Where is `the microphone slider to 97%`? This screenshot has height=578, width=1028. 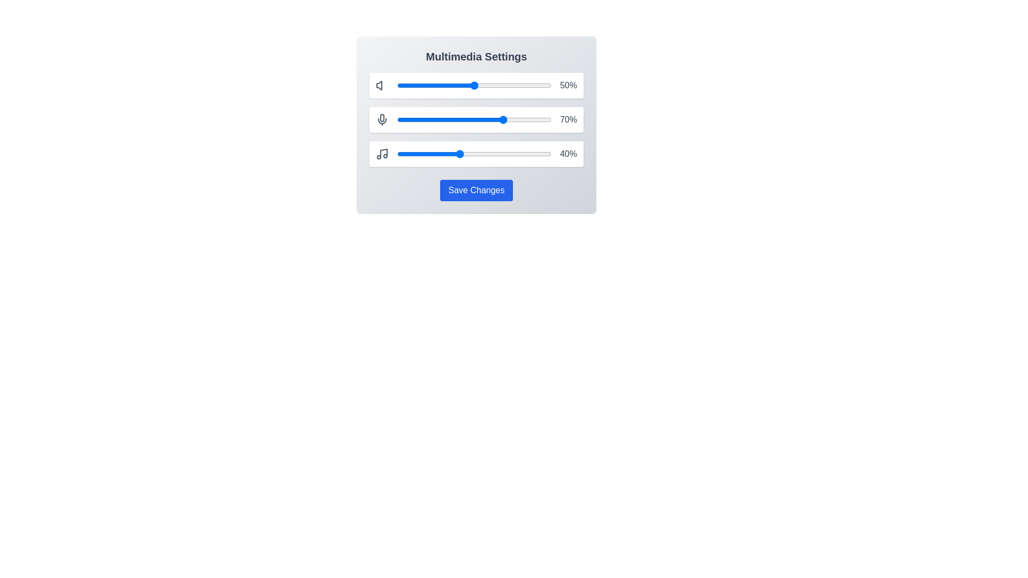 the microphone slider to 97% is located at coordinates (547, 119).